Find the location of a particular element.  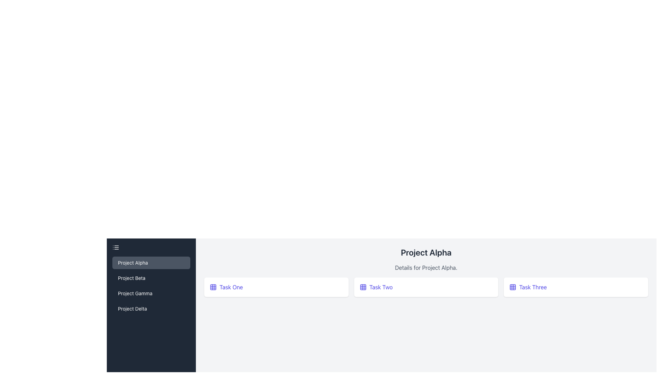

the Static Text Label that serves as the title for the project, located centrally in the top portion of the layout is located at coordinates (426, 252).